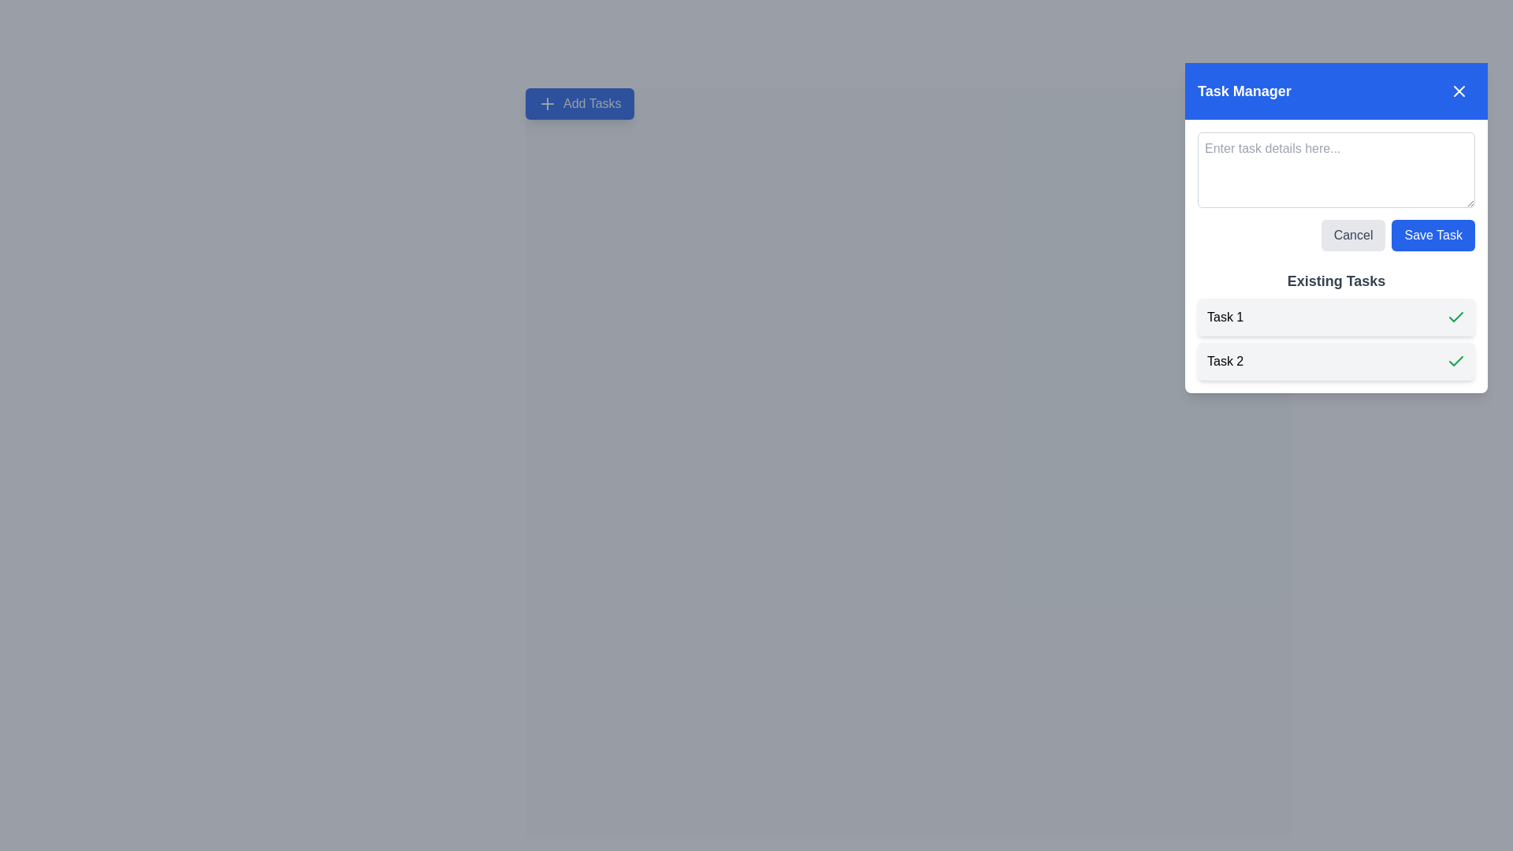 This screenshot has height=851, width=1513. I want to click on the checkmark icon located next to 'Task 2' in the 'Existing Tasks' list of the Task Manager panel, so click(1455, 316).